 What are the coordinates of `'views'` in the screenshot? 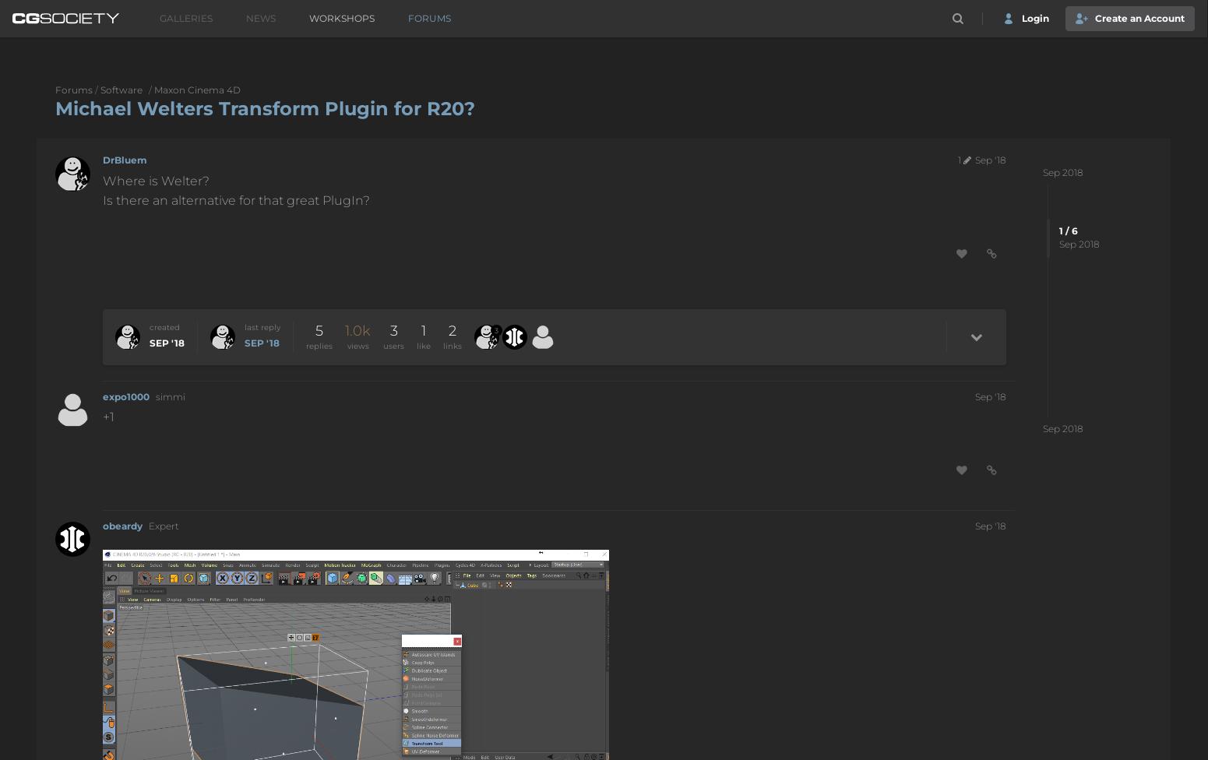 It's located at (356, 344).